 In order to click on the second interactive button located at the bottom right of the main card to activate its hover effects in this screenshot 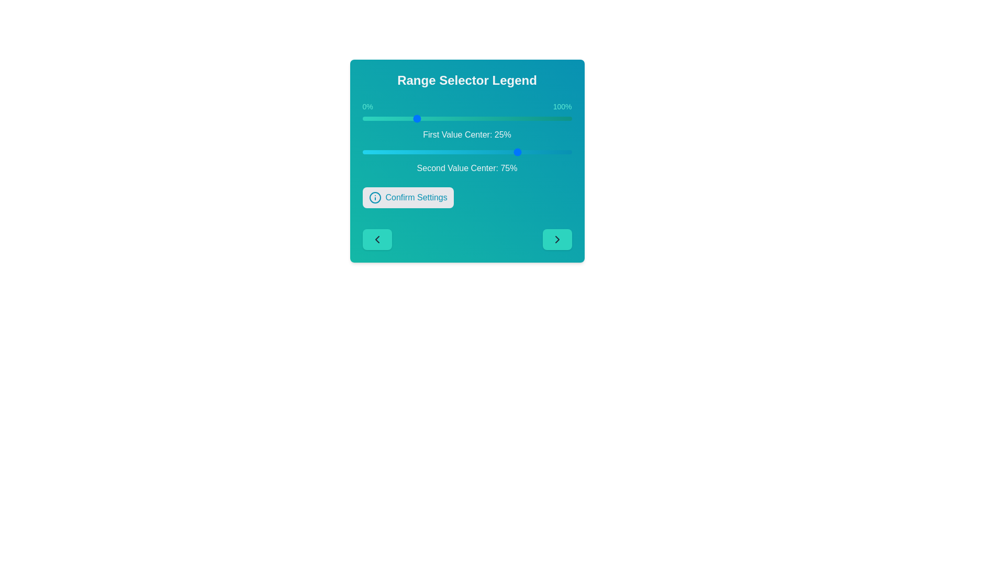, I will do `click(556, 240)`.